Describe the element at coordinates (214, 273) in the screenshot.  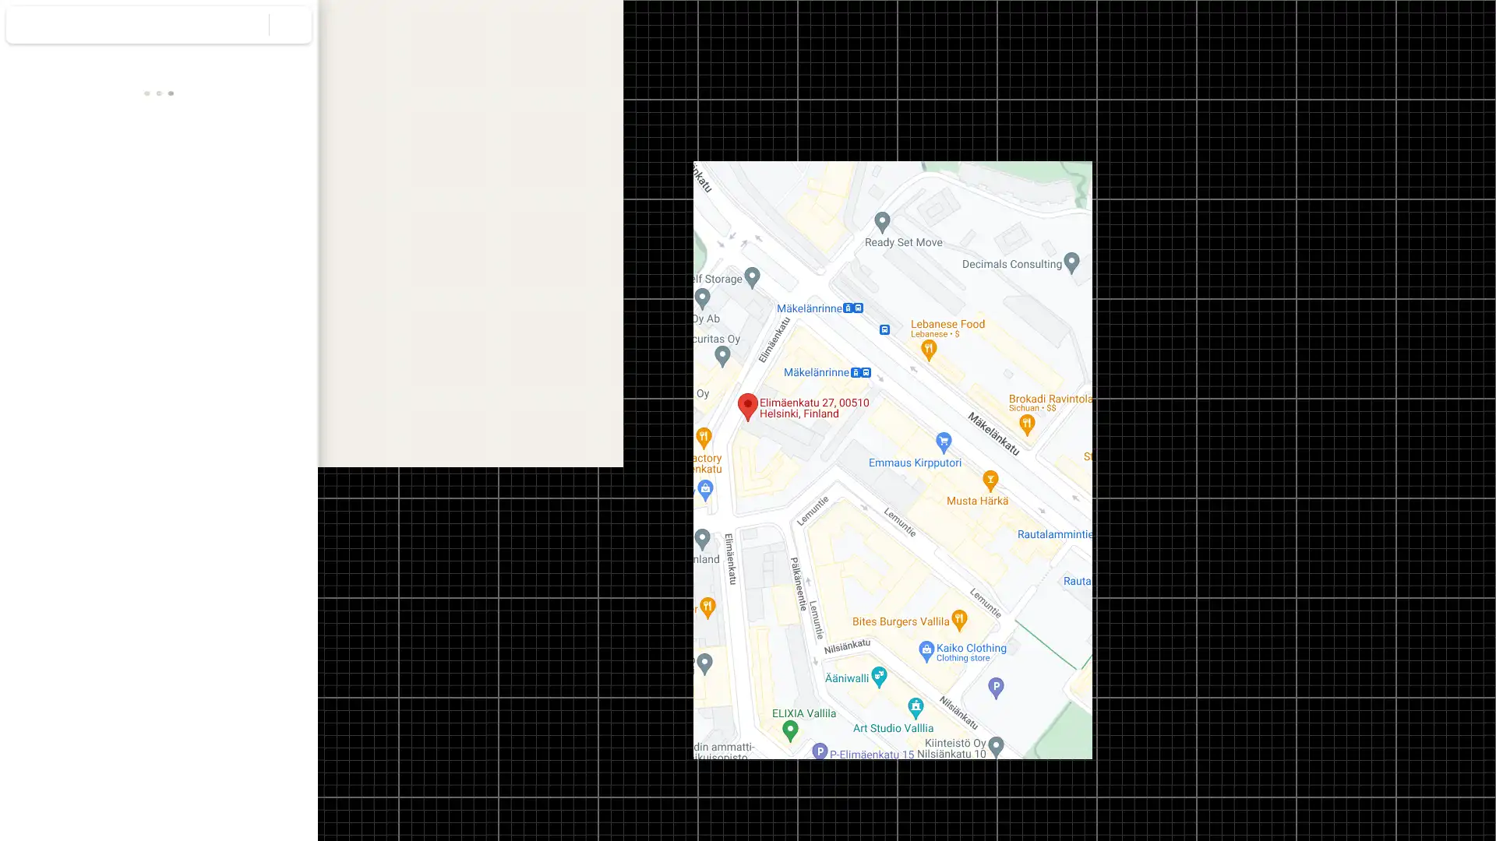
I see `Send Elimaenkatu 27 to your phone` at that location.